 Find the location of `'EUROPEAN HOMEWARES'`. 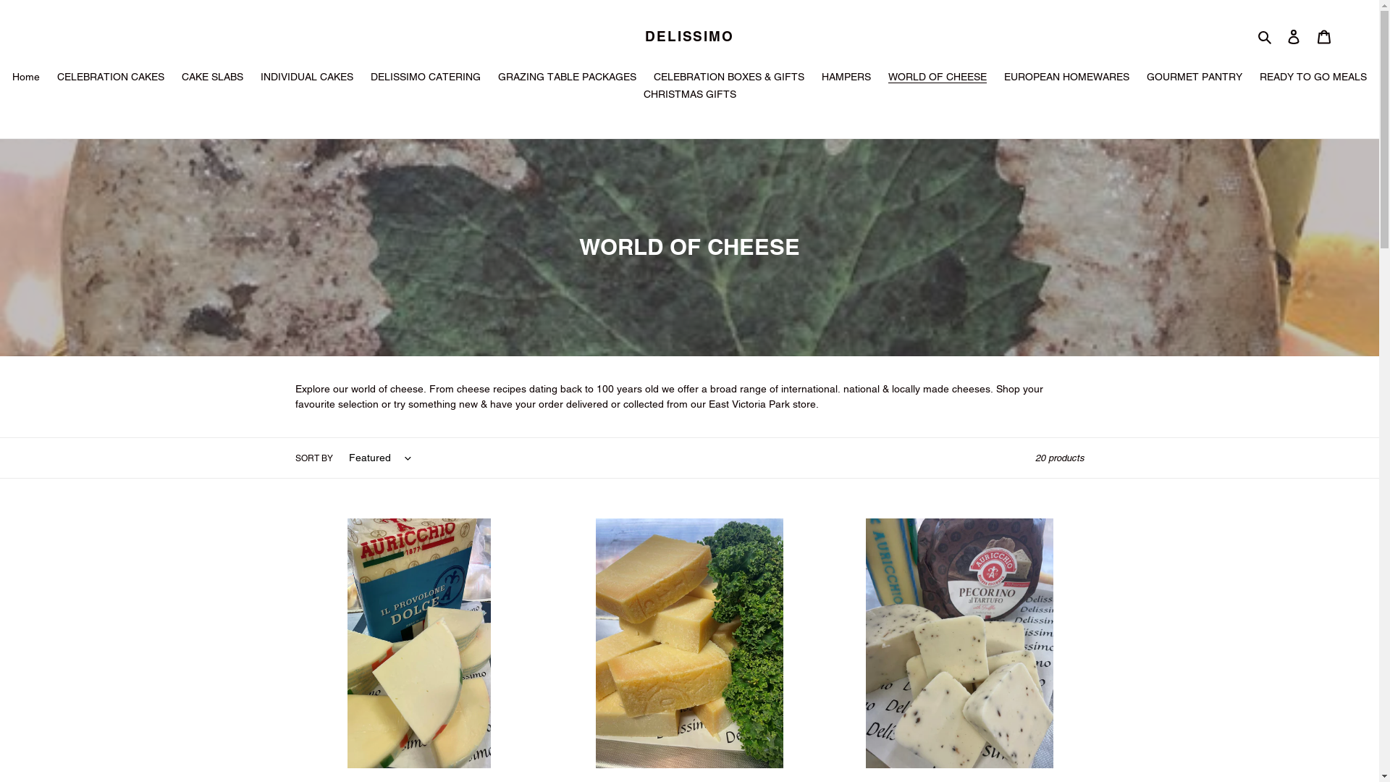

'EUROPEAN HOMEWARES' is located at coordinates (1066, 78).